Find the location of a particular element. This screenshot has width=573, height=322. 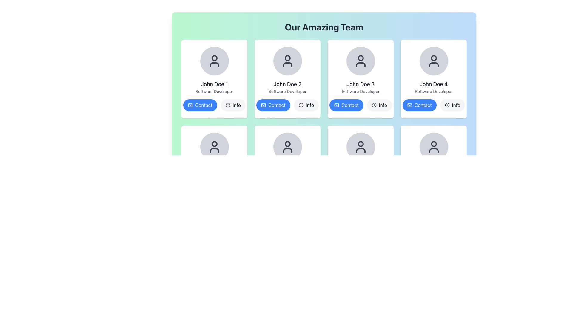

the user's avatar icon represented by a circular profile image placeholder located in the second row and first column of avatar items, with the label 'John Doe 1' and 'Software Developer' above it is located at coordinates (214, 147).